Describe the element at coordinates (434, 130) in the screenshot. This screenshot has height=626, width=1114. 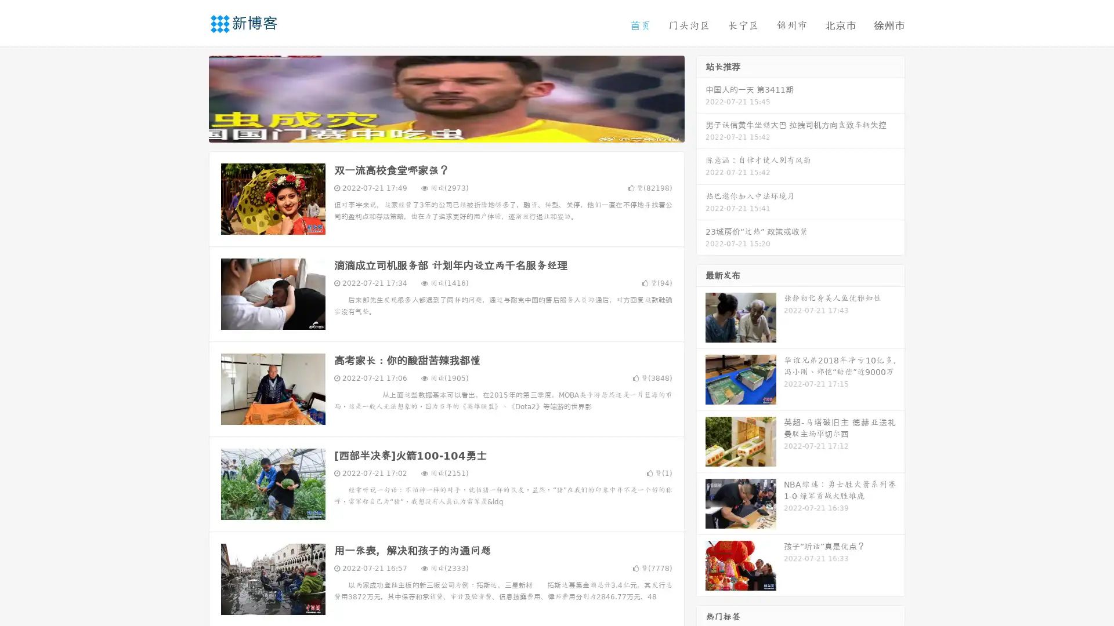
I see `Go to slide 1` at that location.